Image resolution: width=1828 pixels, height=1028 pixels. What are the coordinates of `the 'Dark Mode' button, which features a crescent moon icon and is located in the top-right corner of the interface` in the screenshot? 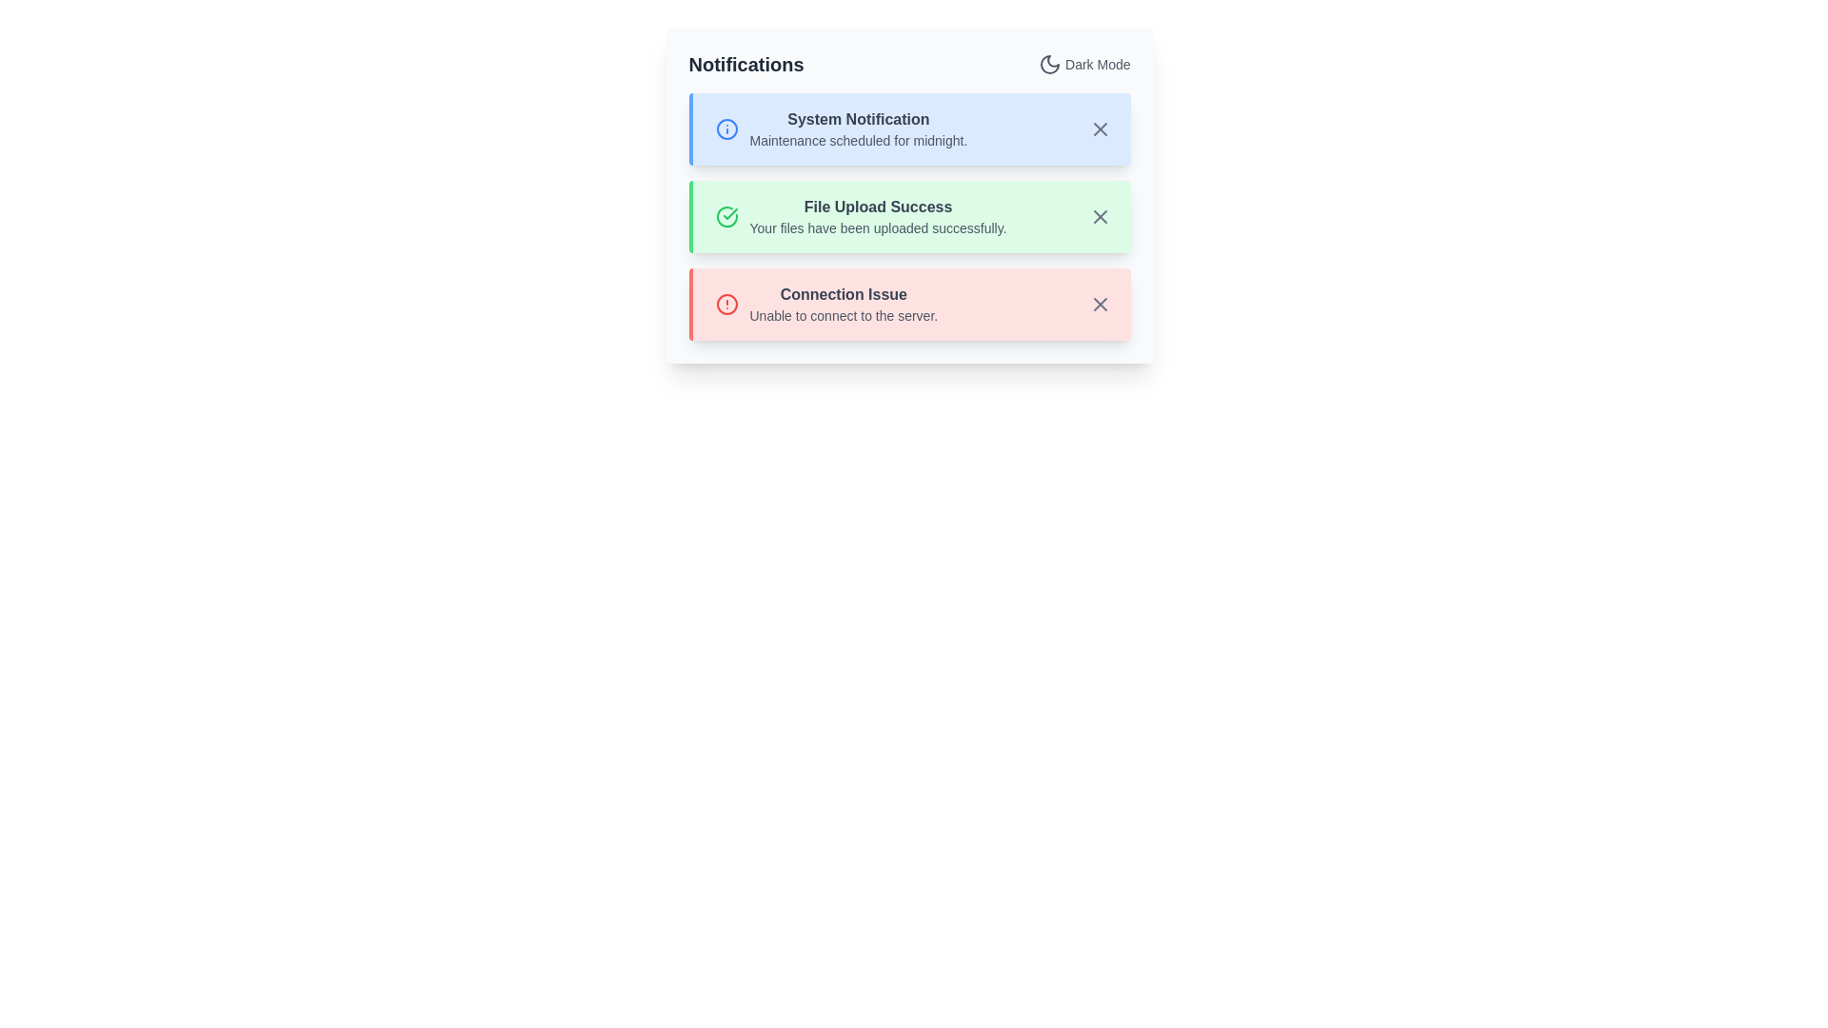 It's located at (1084, 64).